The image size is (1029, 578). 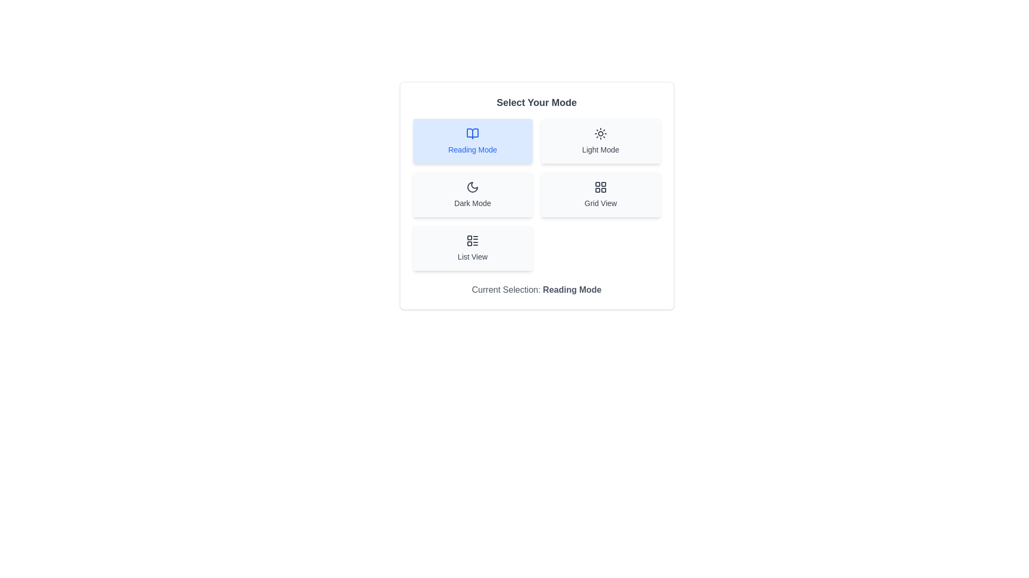 What do you see at coordinates (472, 140) in the screenshot?
I see `the button corresponding to the mode Reading Mode to change the current mode` at bounding box center [472, 140].